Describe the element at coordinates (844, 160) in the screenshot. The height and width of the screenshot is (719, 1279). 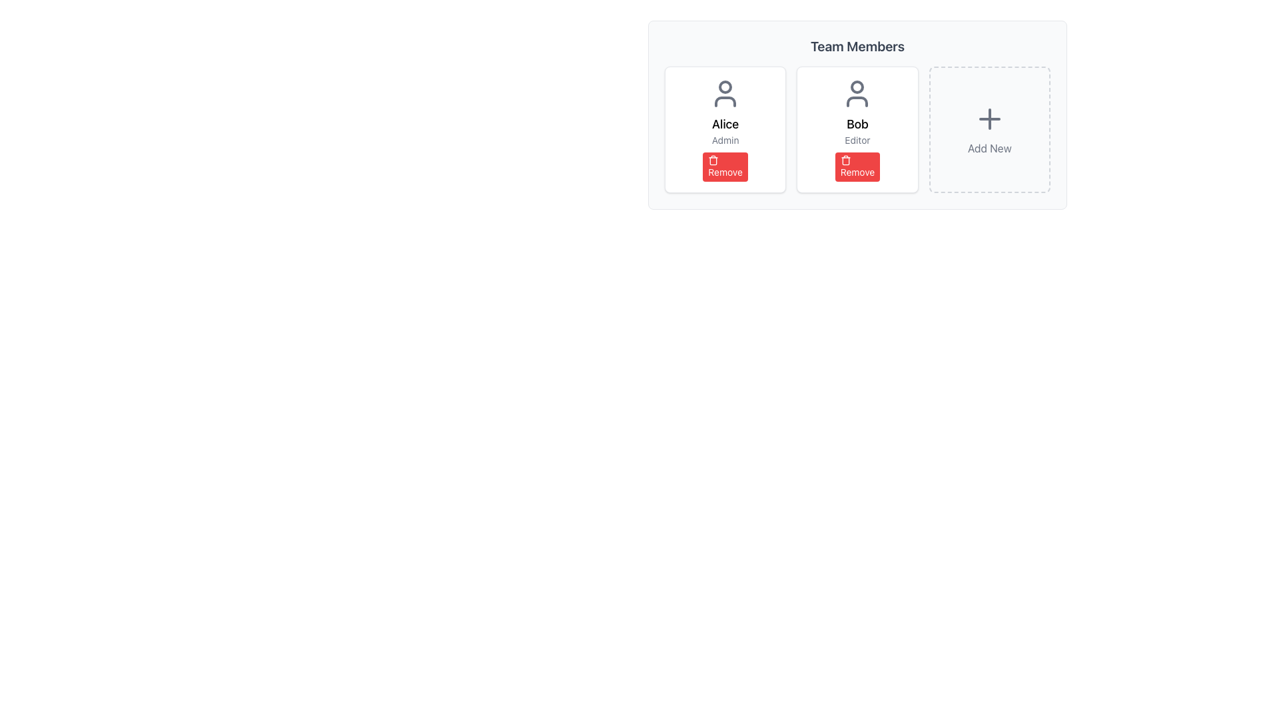
I see `the 'Remove' button located above the trash can icon in the 'Team Members' section, which is part of the Bob member card` at that location.